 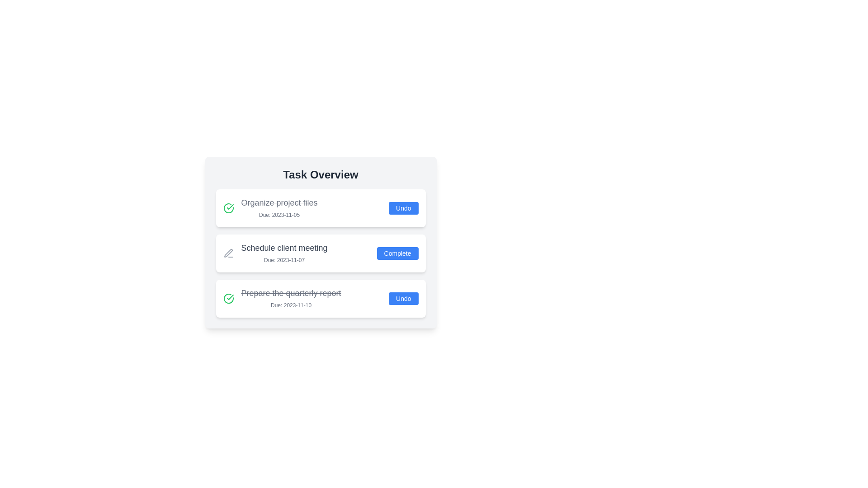 I want to click on the button labeled Undo for the task Prepare the quarterly report, so click(x=403, y=298).